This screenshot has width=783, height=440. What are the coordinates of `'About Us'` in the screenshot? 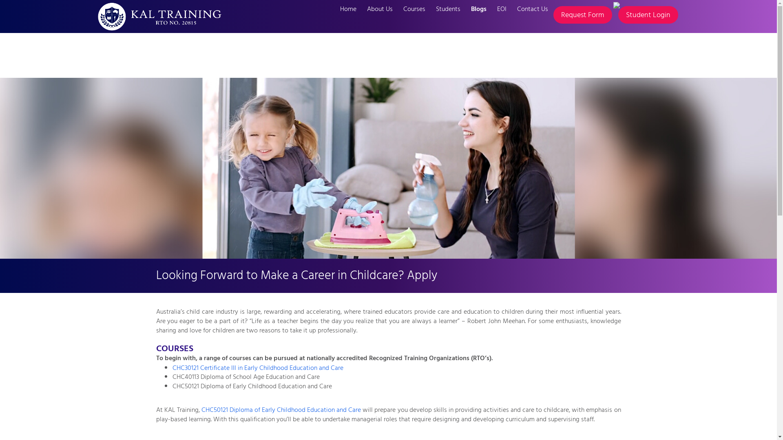 It's located at (379, 9).